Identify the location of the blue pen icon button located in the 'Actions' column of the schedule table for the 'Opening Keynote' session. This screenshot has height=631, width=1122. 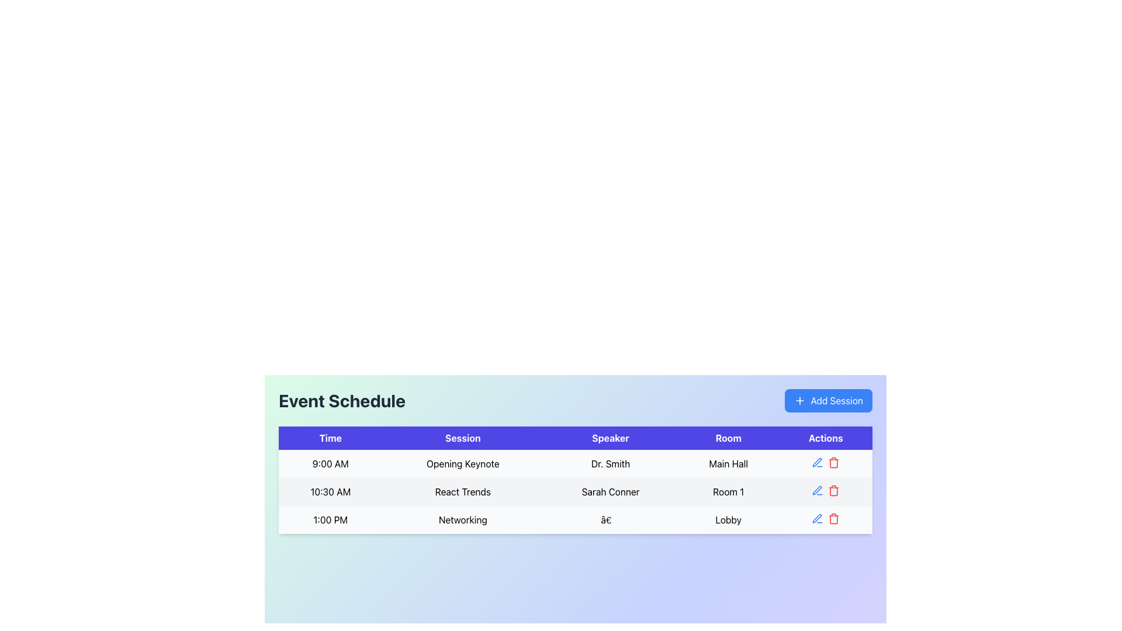
(817, 462).